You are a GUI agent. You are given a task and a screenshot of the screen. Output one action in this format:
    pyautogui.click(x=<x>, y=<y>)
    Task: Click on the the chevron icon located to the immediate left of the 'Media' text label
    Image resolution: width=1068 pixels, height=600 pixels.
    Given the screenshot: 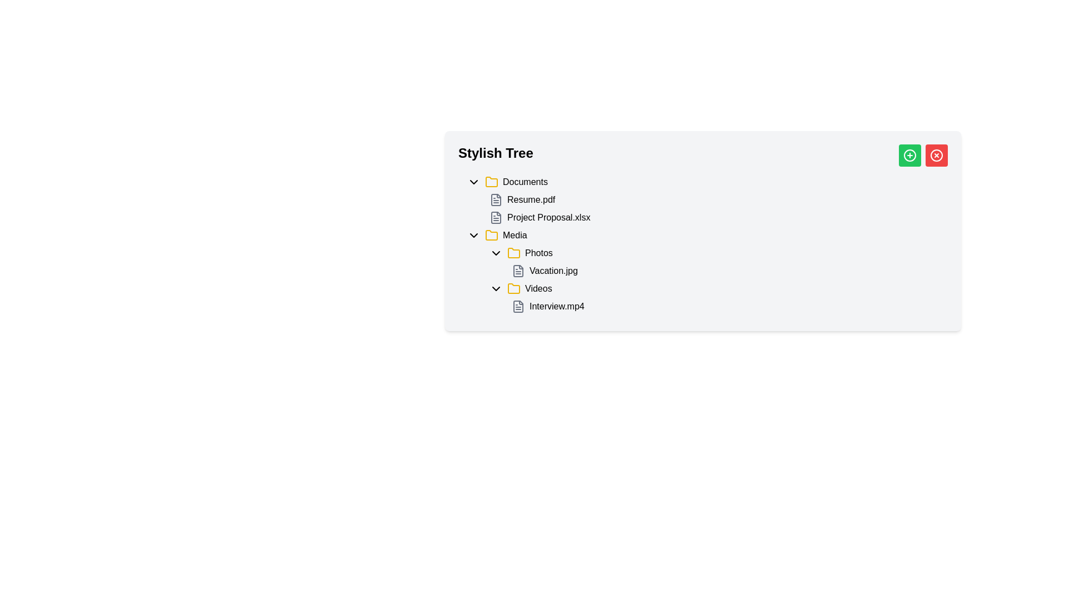 What is the action you would take?
    pyautogui.click(x=473, y=235)
    